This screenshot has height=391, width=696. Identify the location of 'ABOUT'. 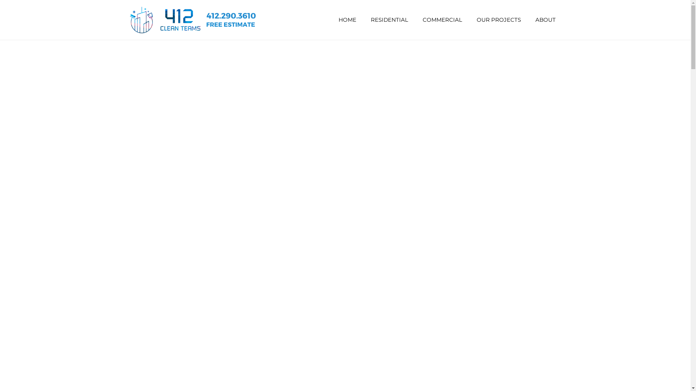
(546, 19).